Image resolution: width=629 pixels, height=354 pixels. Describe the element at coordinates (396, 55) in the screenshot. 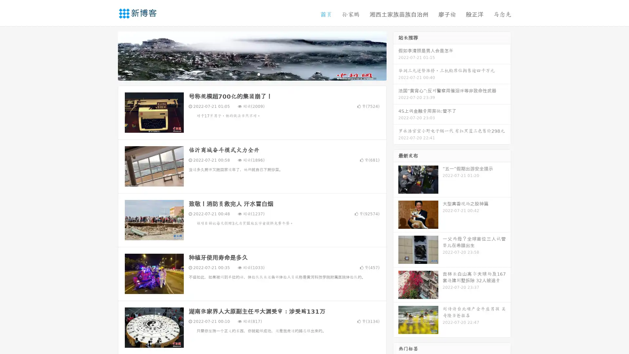

I see `Next slide` at that location.